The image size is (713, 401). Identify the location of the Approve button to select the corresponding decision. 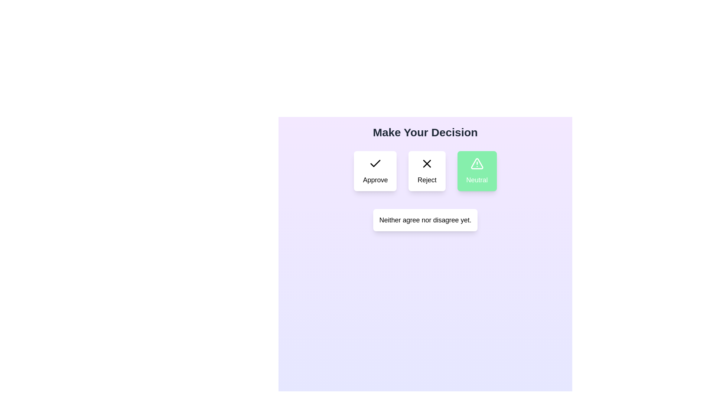
(375, 171).